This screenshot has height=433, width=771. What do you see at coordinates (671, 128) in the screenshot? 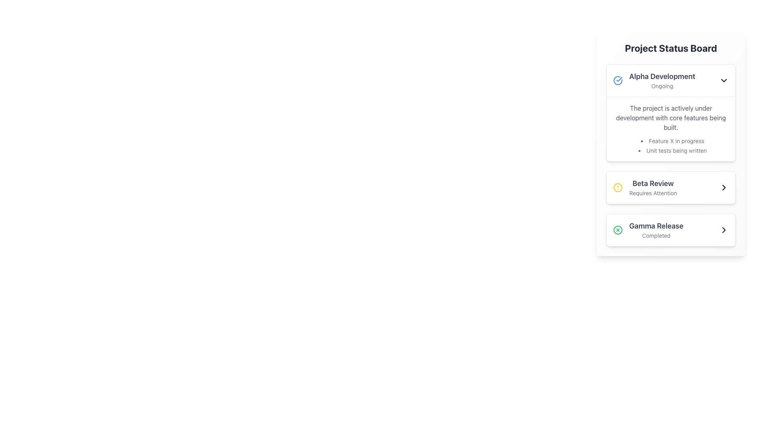
I see `informational text block located in the middle section of the 'Alpha Development' card on the 'Project Status Board', positioned below the header 'Alpha Development' and above 'Beta Review'` at bounding box center [671, 128].